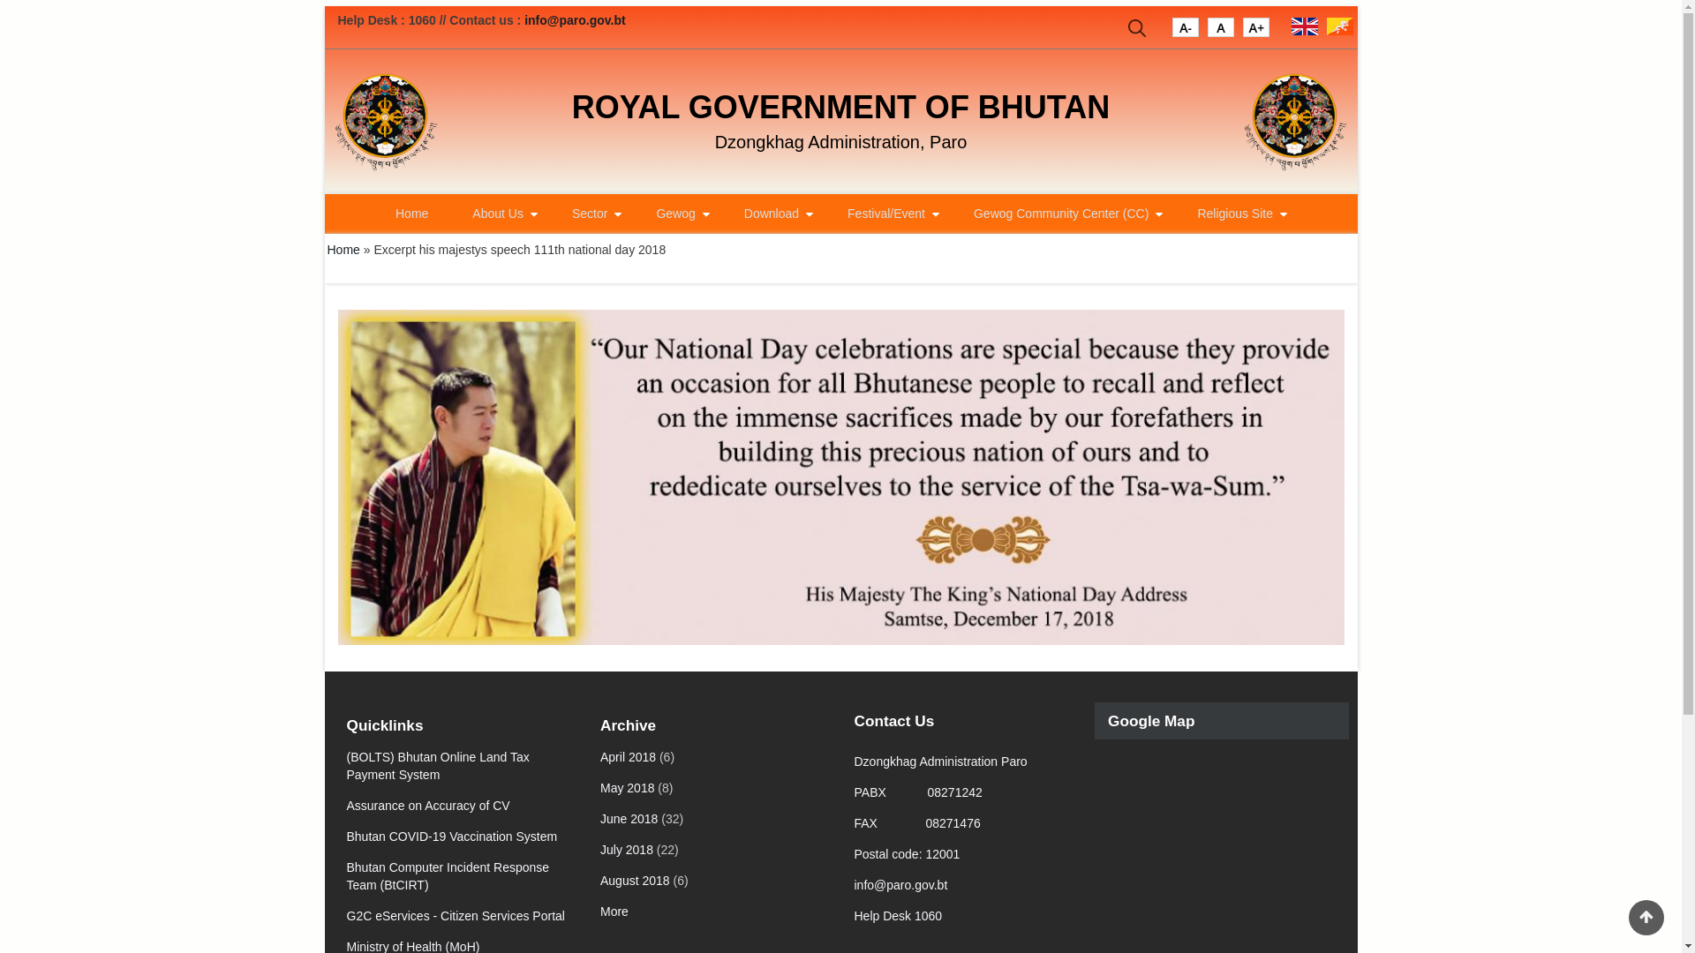 The width and height of the screenshot is (1695, 953). I want to click on 'A', so click(1254, 30).